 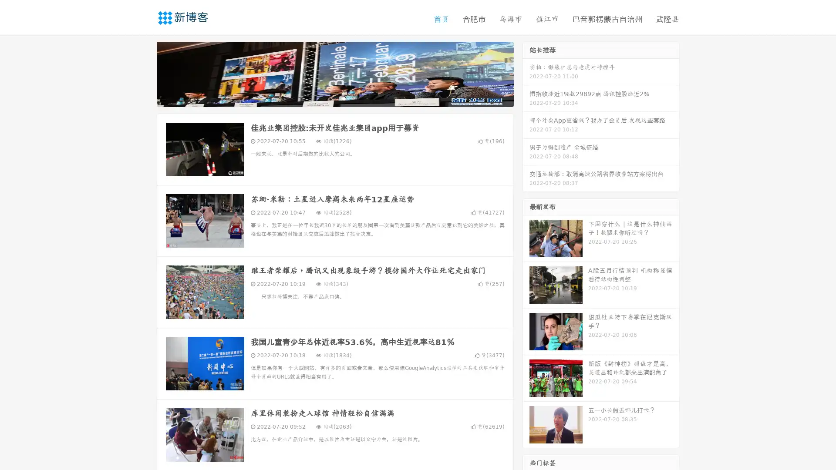 I want to click on Next slide, so click(x=526, y=73).